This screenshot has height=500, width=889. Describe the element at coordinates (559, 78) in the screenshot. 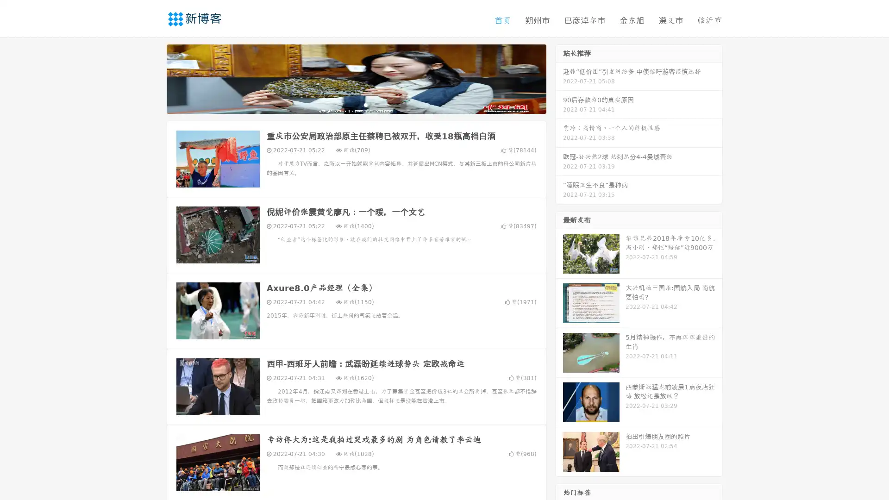

I see `Next slide` at that location.